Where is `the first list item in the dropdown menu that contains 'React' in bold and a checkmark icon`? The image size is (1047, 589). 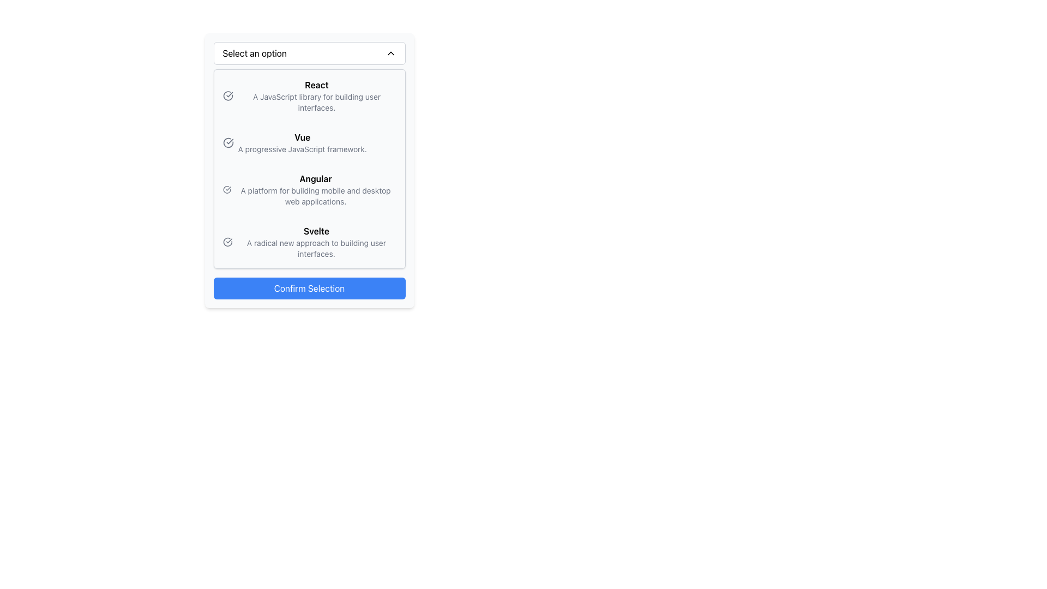 the first list item in the dropdown menu that contains 'React' in bold and a checkmark icon is located at coordinates (309, 95).